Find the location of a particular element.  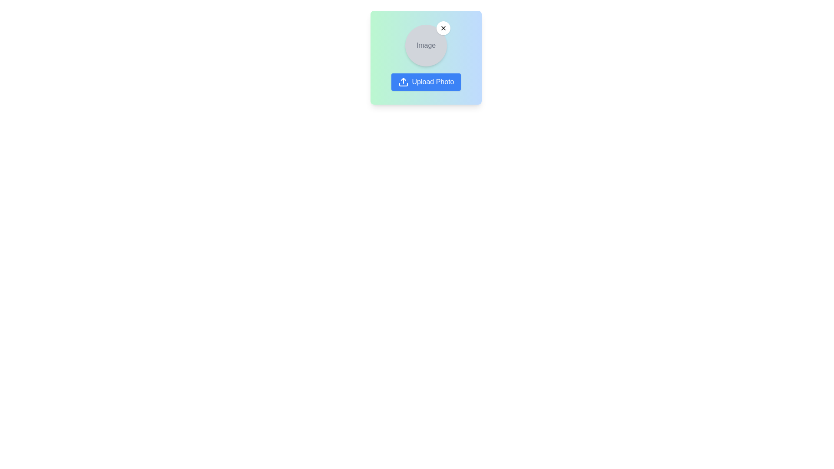

the interactive close button located in the top-right corner of the card layout to change its color is located at coordinates (443, 28).